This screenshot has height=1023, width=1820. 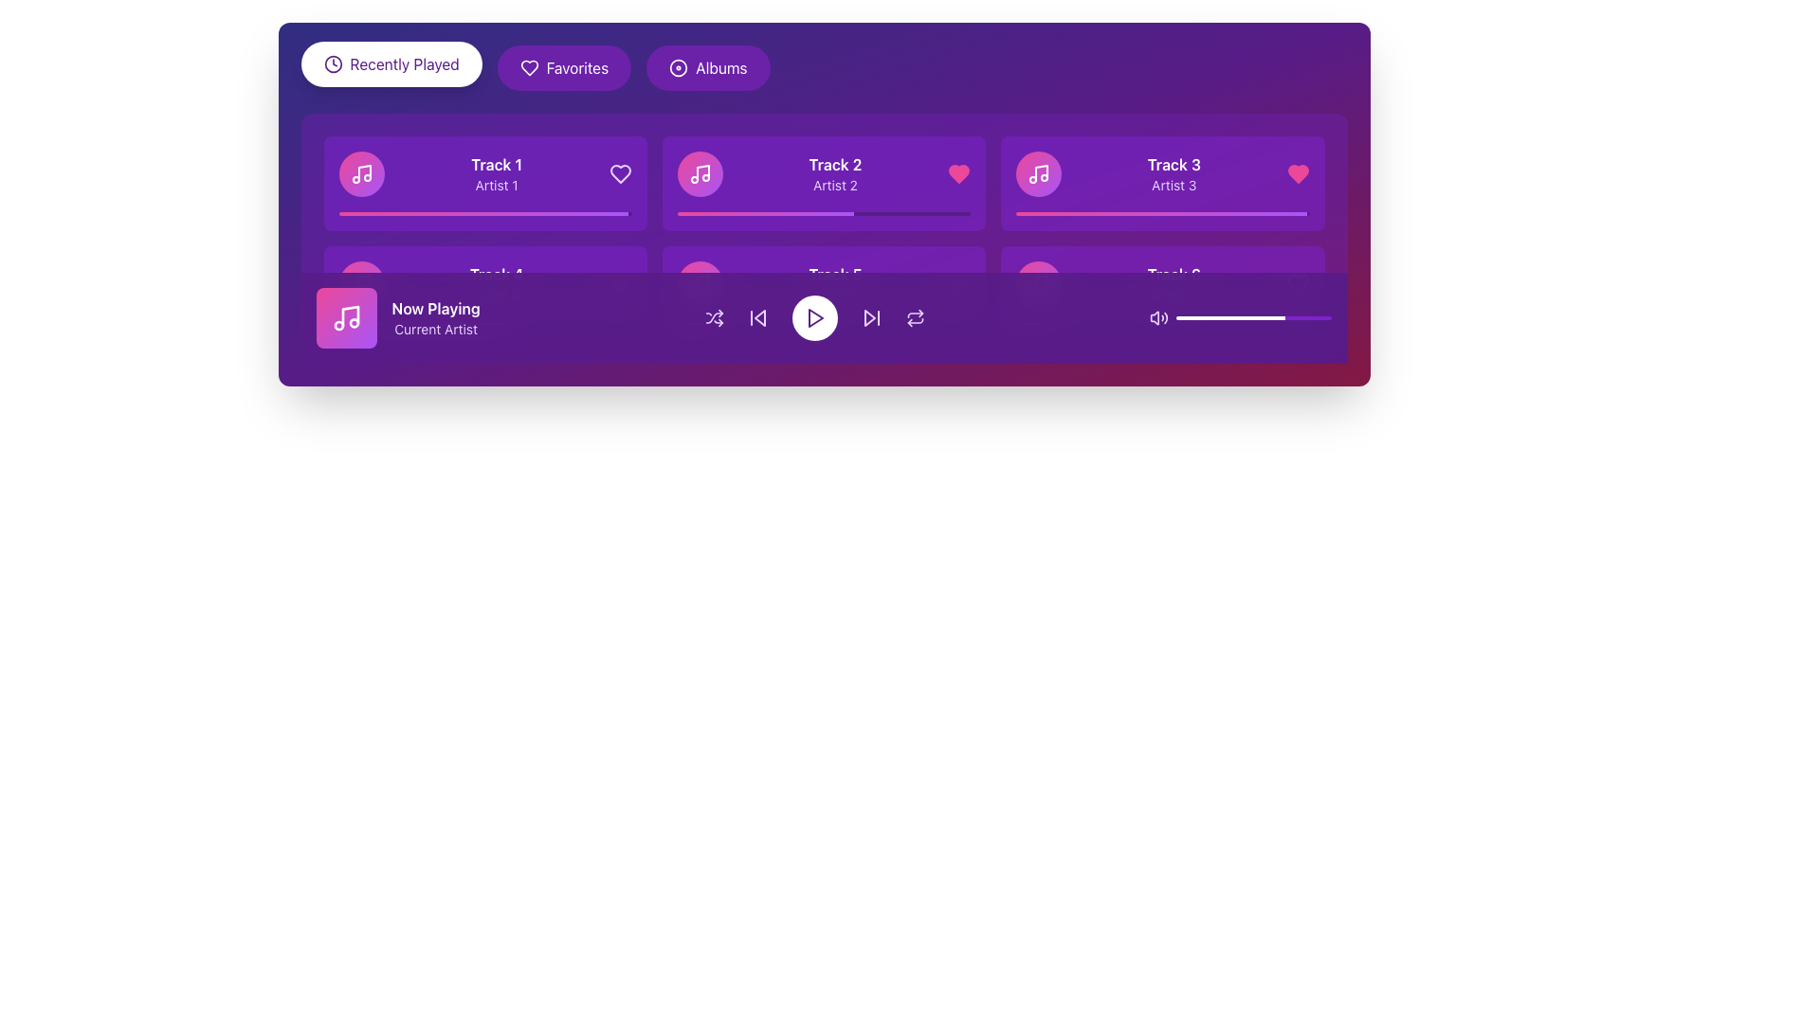 What do you see at coordinates (1319, 316) in the screenshot?
I see `the volume level` at bounding box center [1319, 316].